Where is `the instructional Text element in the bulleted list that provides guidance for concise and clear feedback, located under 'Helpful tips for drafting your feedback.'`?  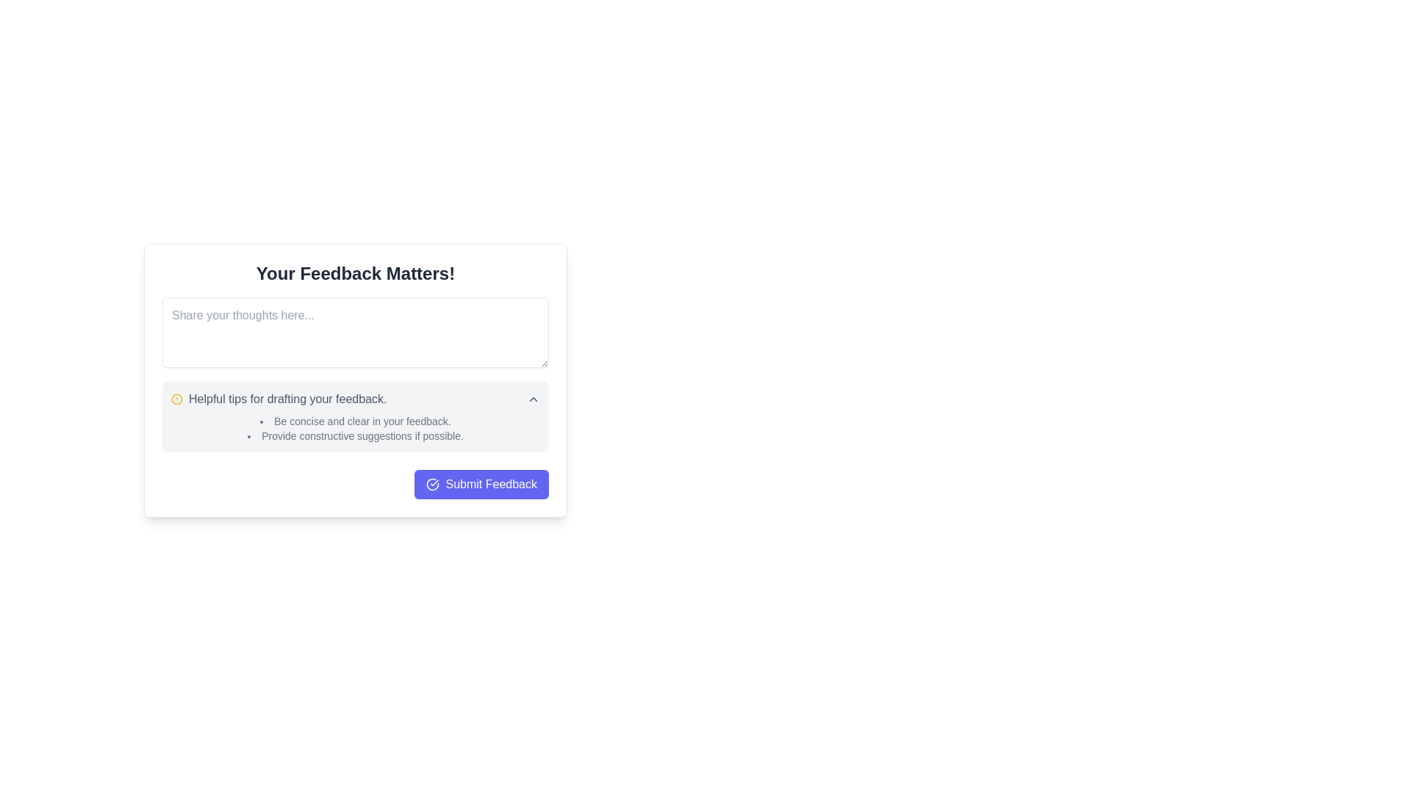 the instructional Text element in the bulleted list that provides guidance for concise and clear feedback, located under 'Helpful tips for drafting your feedback.' is located at coordinates (356, 421).